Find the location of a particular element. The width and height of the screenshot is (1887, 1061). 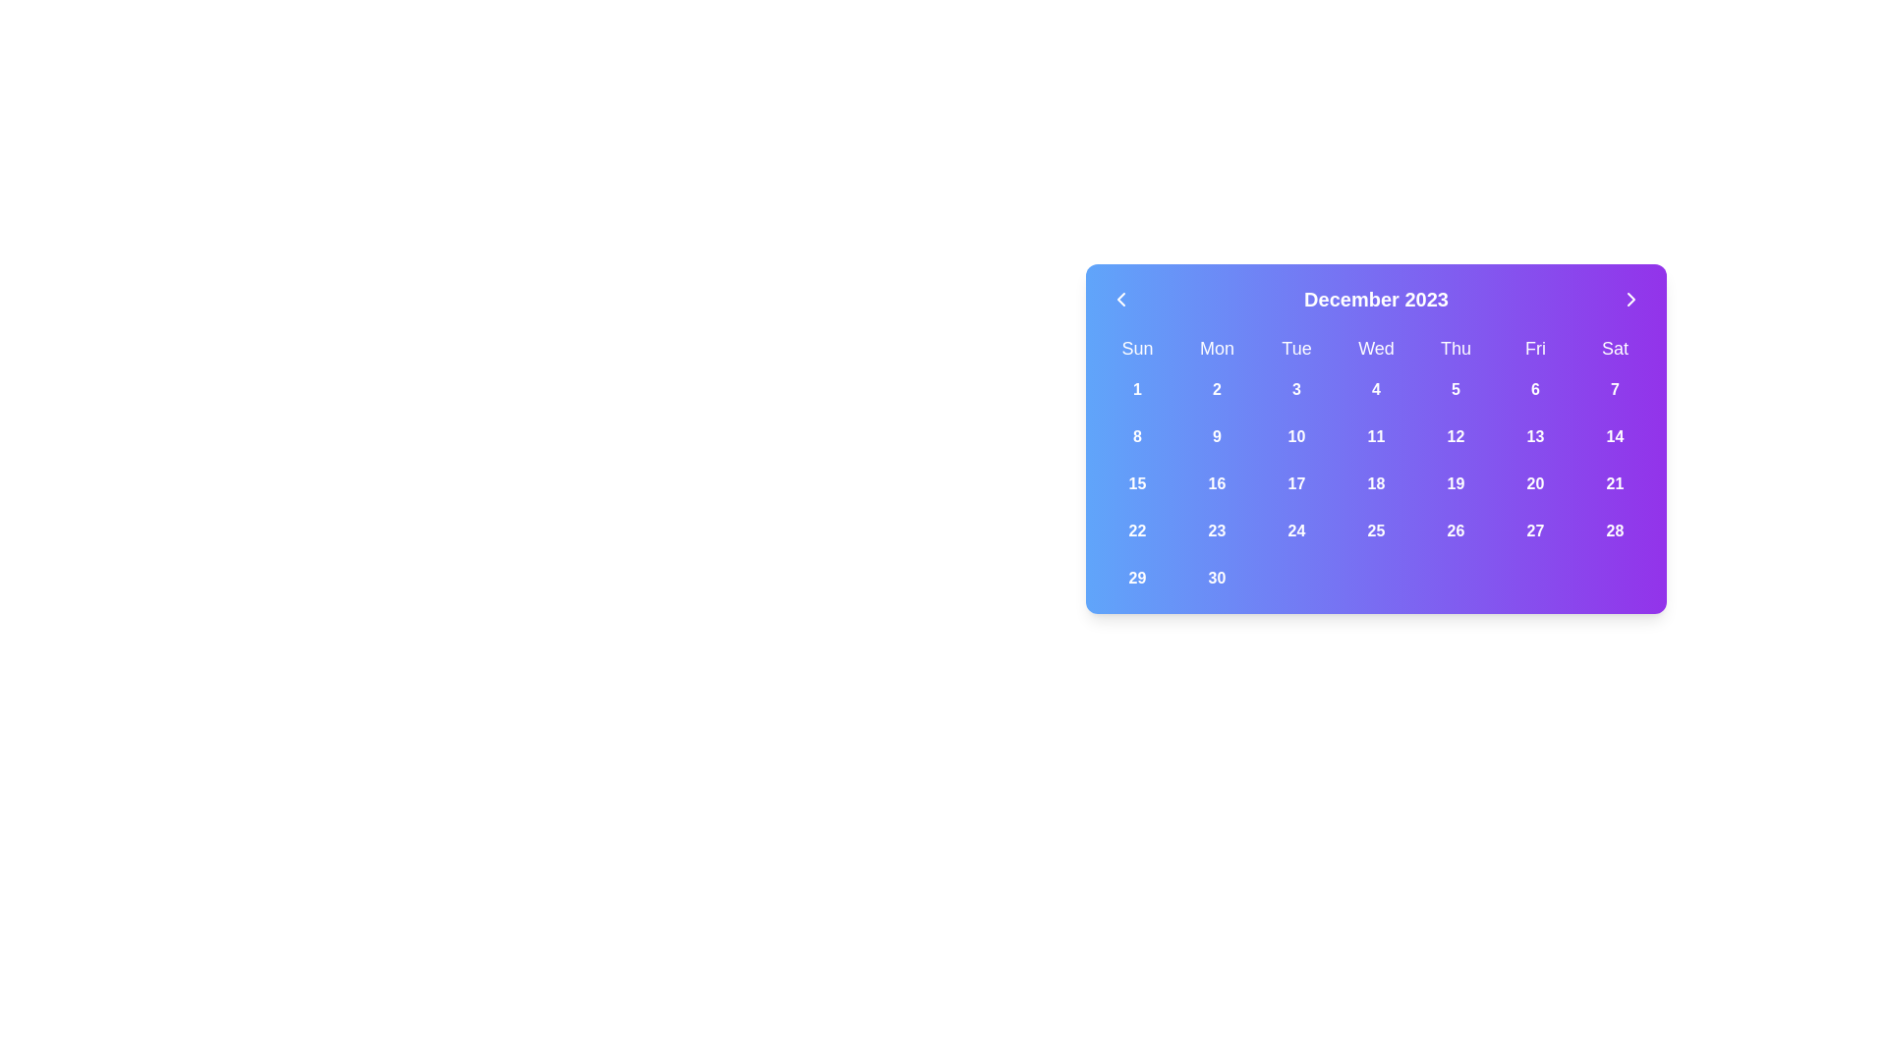

the text label displaying 'Mon', which is the second weekday header in a calendar view, styled in bold and large white text against a gradient blue and purple background is located at coordinates (1216, 347).